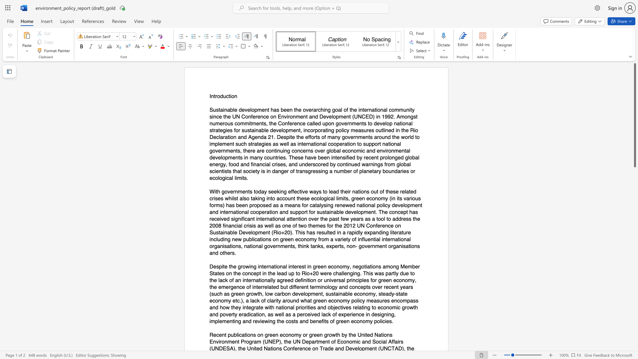 This screenshot has width=638, height=359. What do you see at coordinates (634, 196) in the screenshot?
I see `the scrollbar to scroll the page down` at bounding box center [634, 196].